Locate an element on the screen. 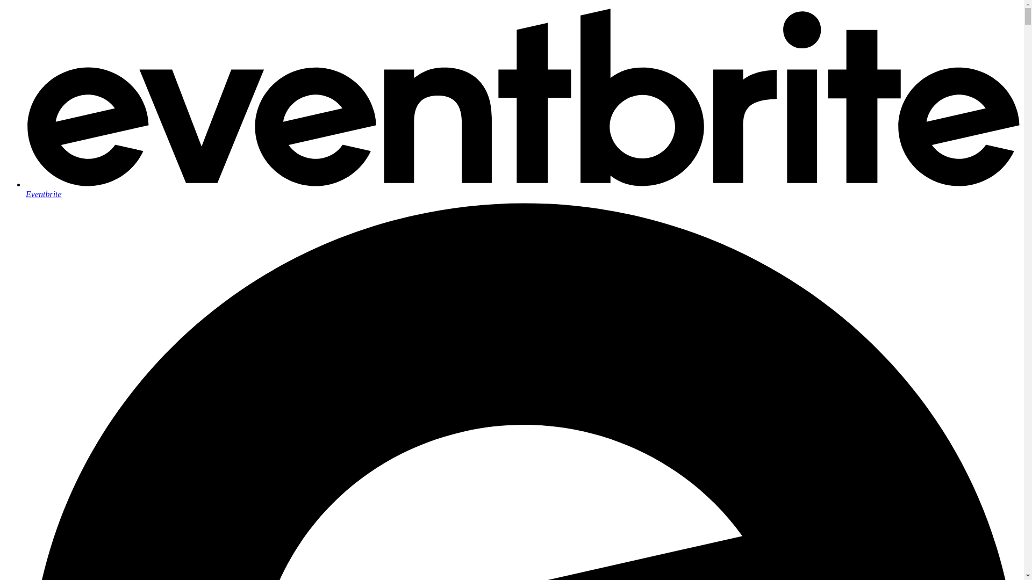 The height and width of the screenshot is (580, 1032). 'Eventbrite' is located at coordinates (522, 189).